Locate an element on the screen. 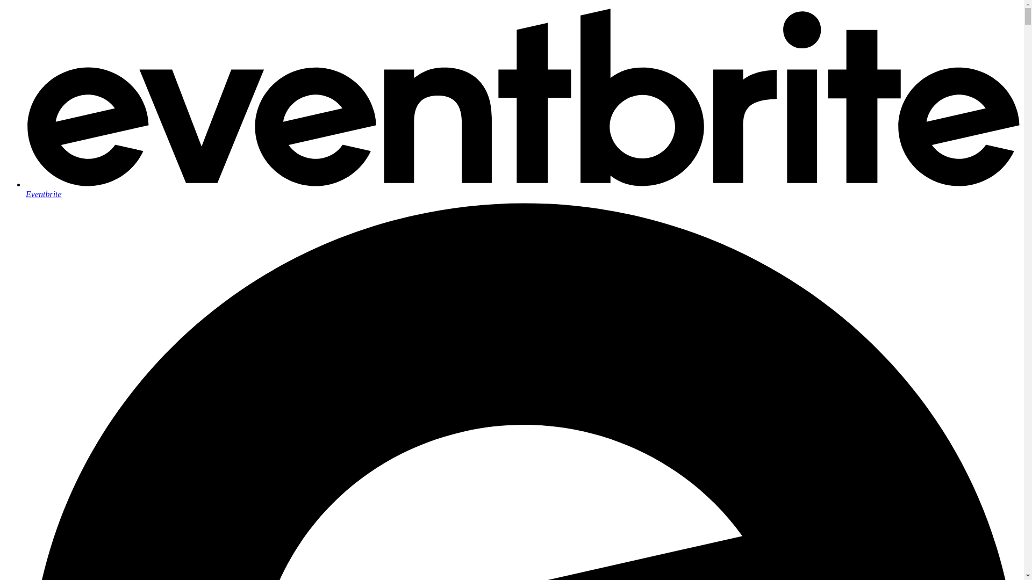 The height and width of the screenshot is (580, 1032). 'Eventbrite' is located at coordinates (522, 189).